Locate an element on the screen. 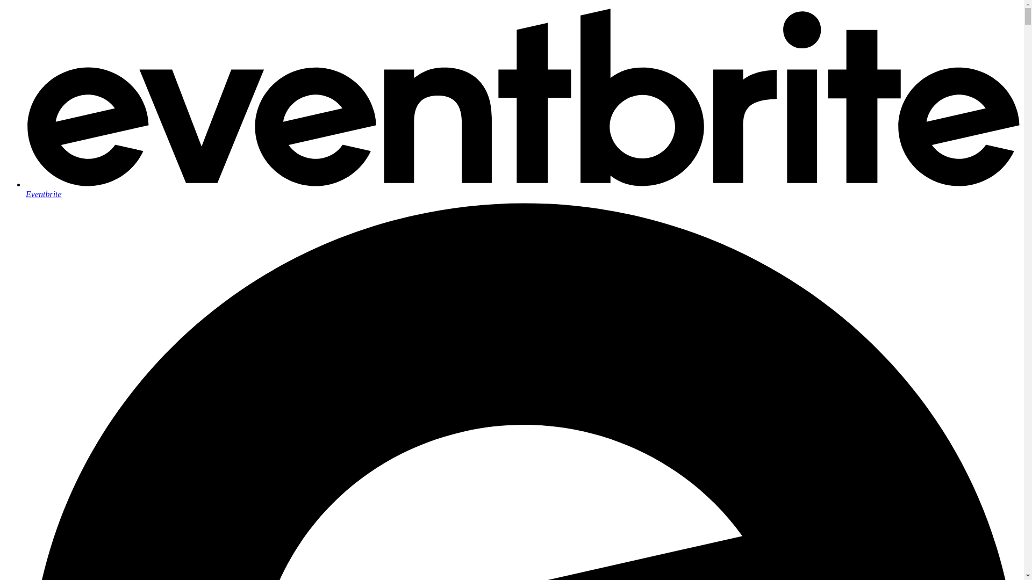 The height and width of the screenshot is (580, 1032). 'Eventbrite' is located at coordinates (522, 189).